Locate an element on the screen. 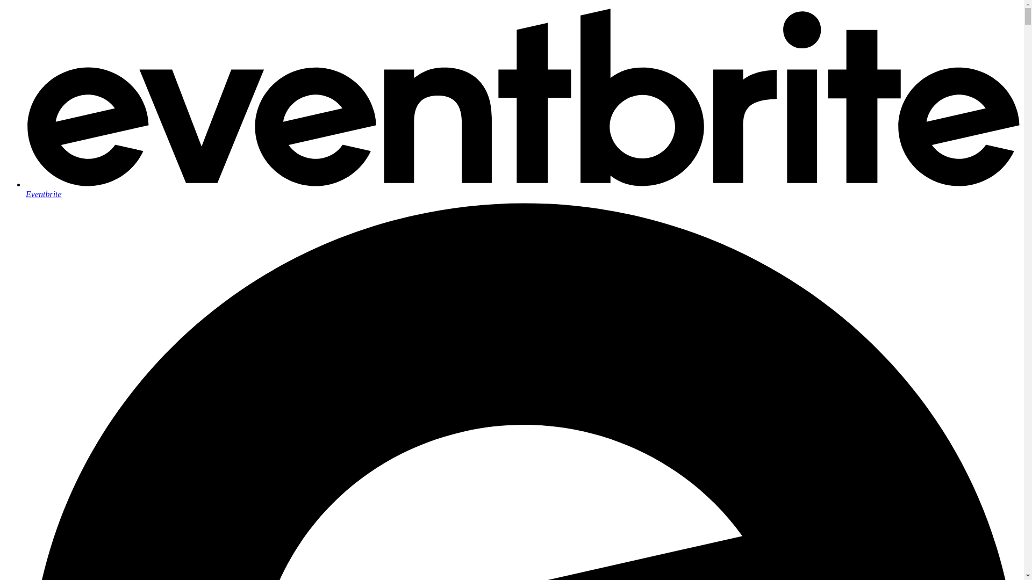 The height and width of the screenshot is (580, 1032). 'Eventbrite' is located at coordinates (522, 189).